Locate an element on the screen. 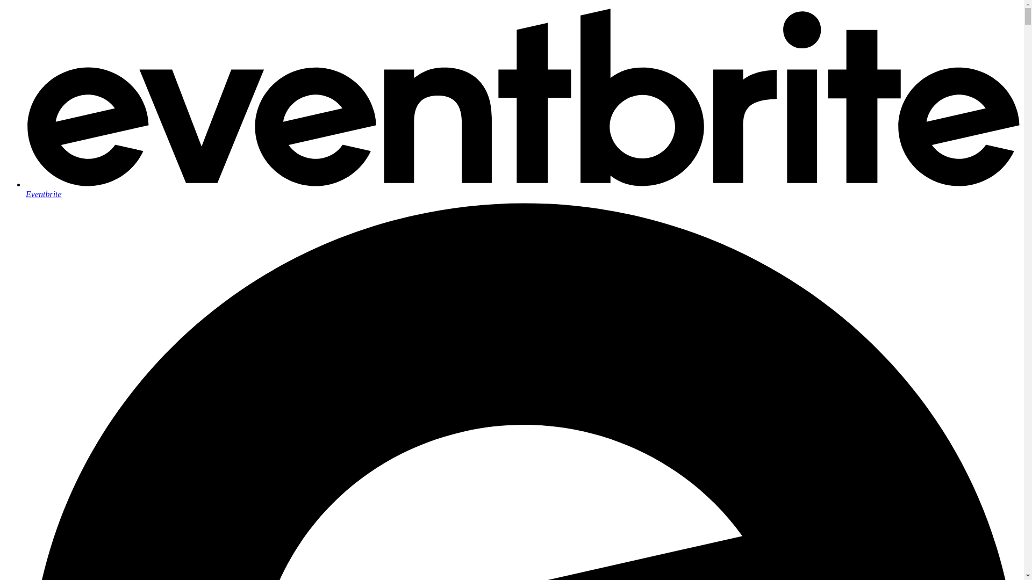 The height and width of the screenshot is (580, 1032). 'Eventbrite' is located at coordinates (522, 189).